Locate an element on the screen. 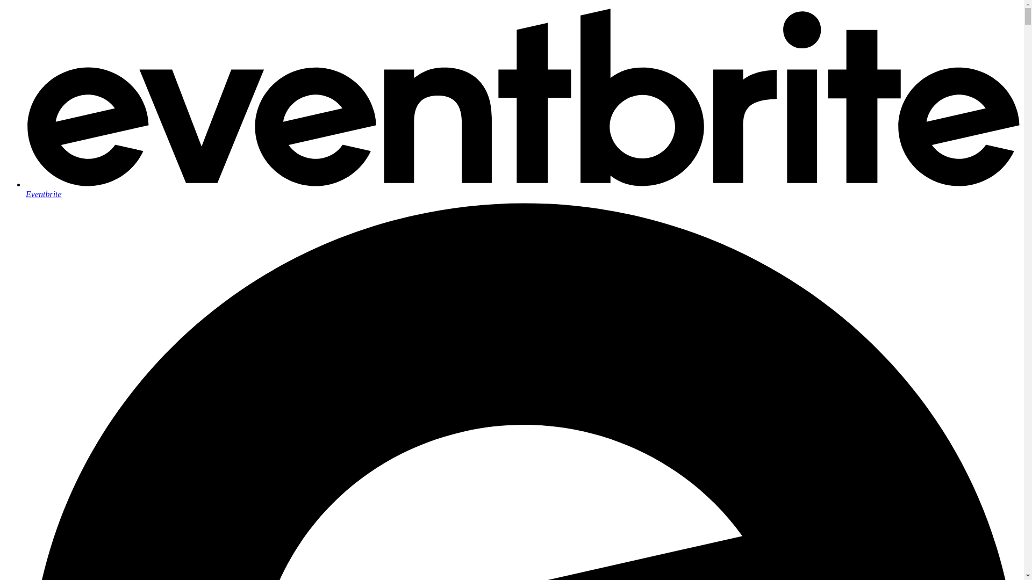 The height and width of the screenshot is (580, 1032). 'Eventbrite' is located at coordinates (522, 189).